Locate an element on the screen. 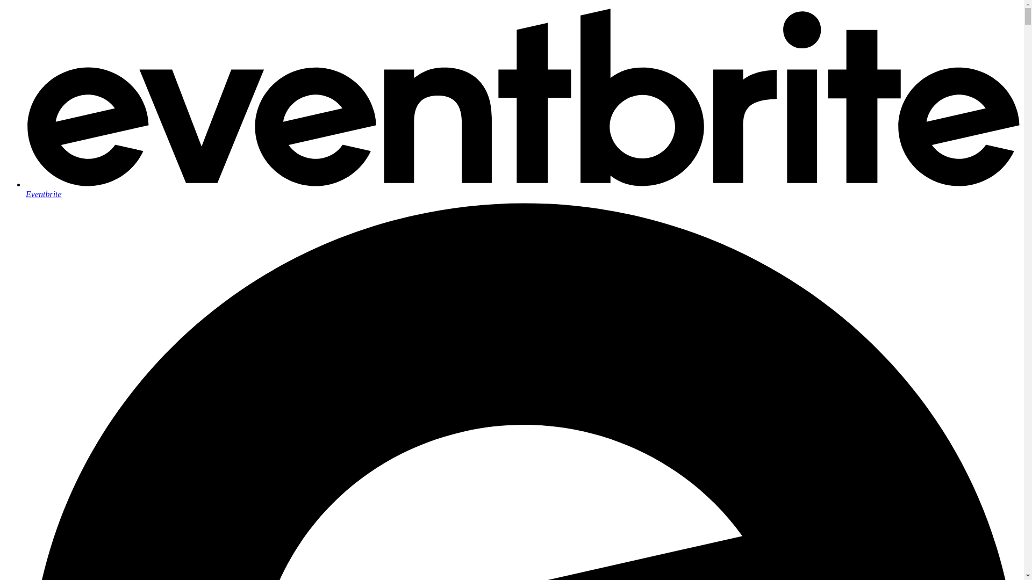 The height and width of the screenshot is (580, 1032). 'Eventbrite' is located at coordinates (522, 189).